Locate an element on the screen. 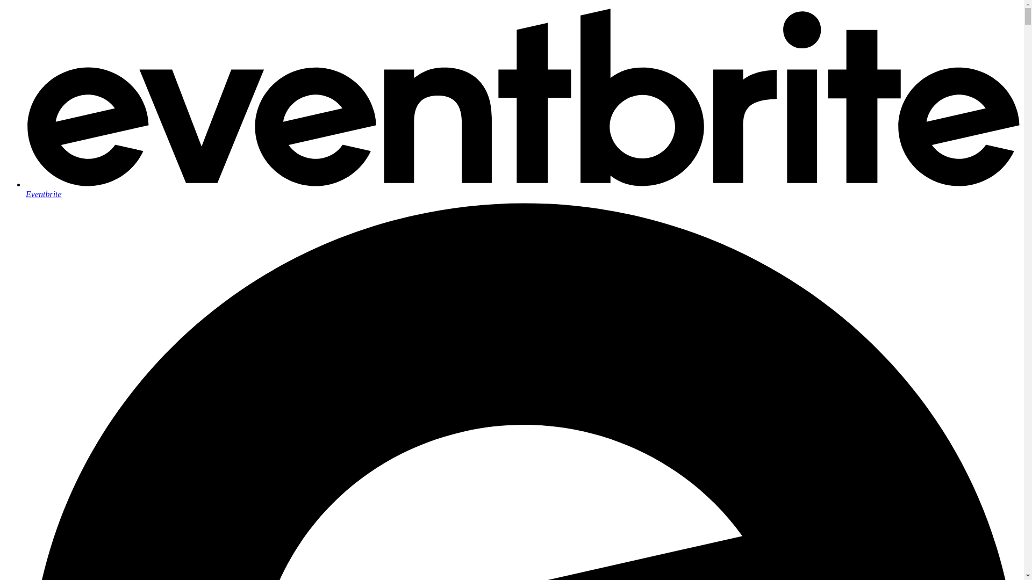 The height and width of the screenshot is (580, 1032). 'Eventbrite' is located at coordinates (522, 189).